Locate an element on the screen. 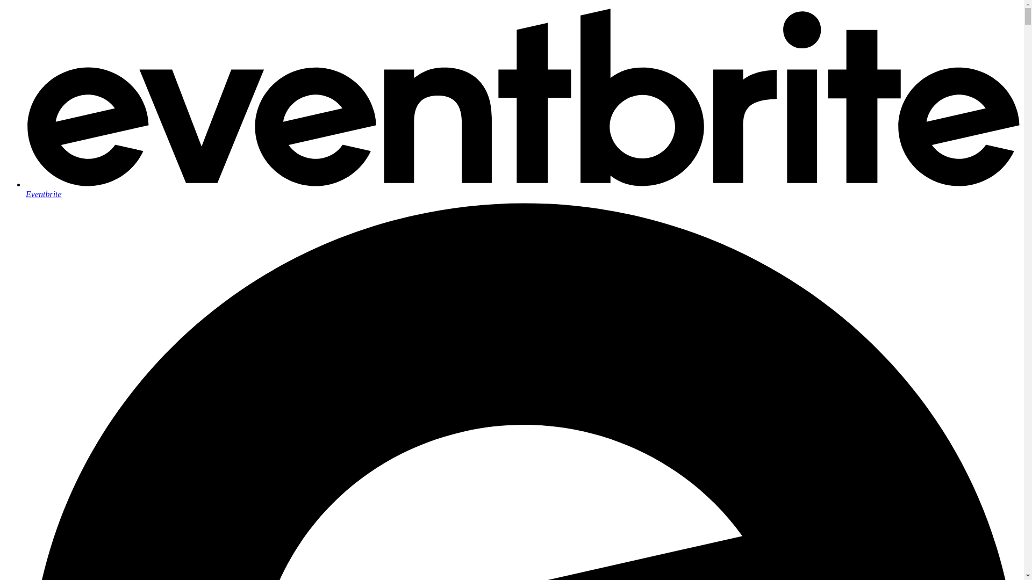 The height and width of the screenshot is (580, 1032). 'Eventbrite' is located at coordinates (522, 189).